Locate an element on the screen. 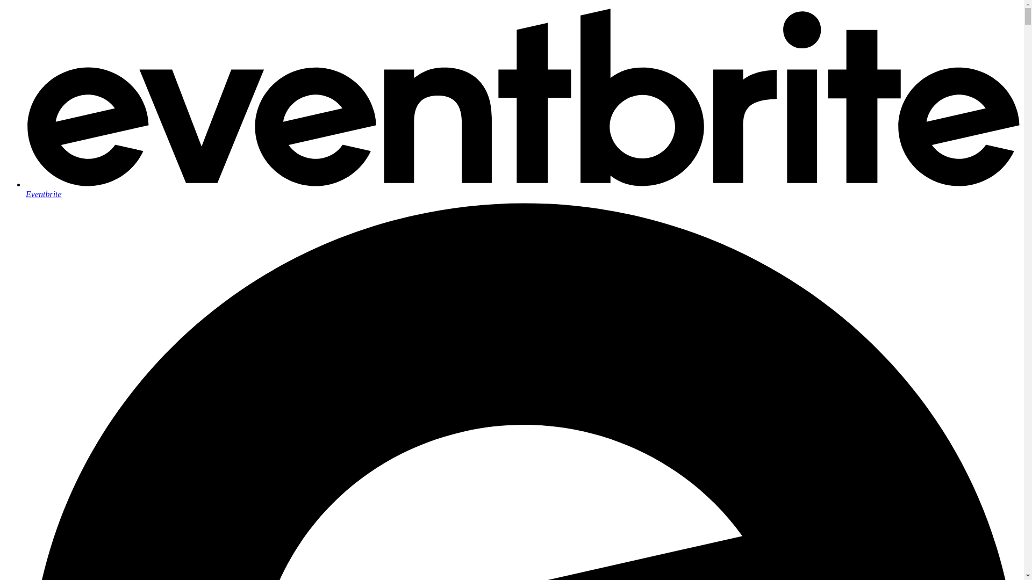 The height and width of the screenshot is (580, 1032). 'Eventbrite' is located at coordinates (522, 189).